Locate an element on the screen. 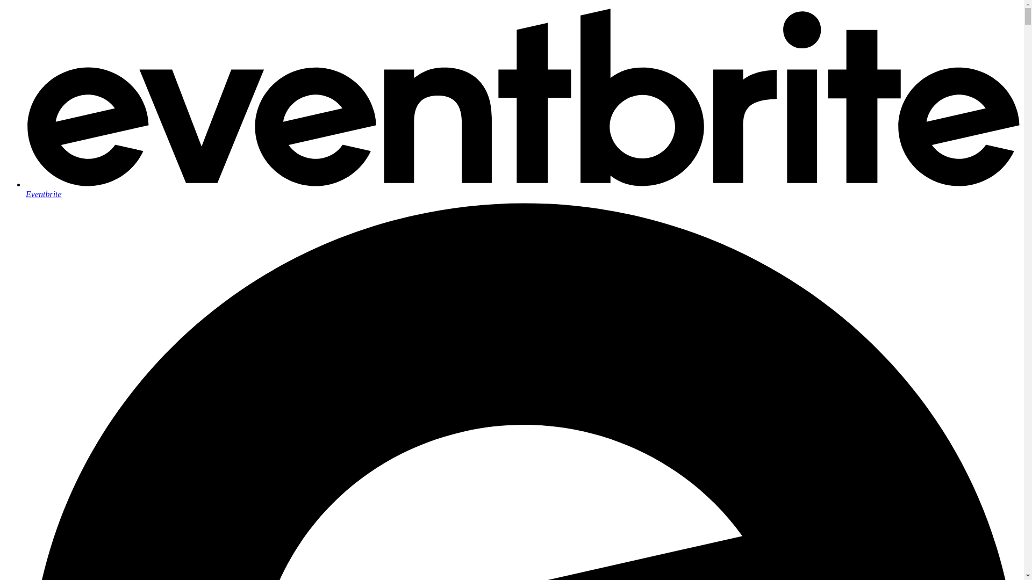 The height and width of the screenshot is (580, 1032). 'Eventbrite' is located at coordinates (522, 189).